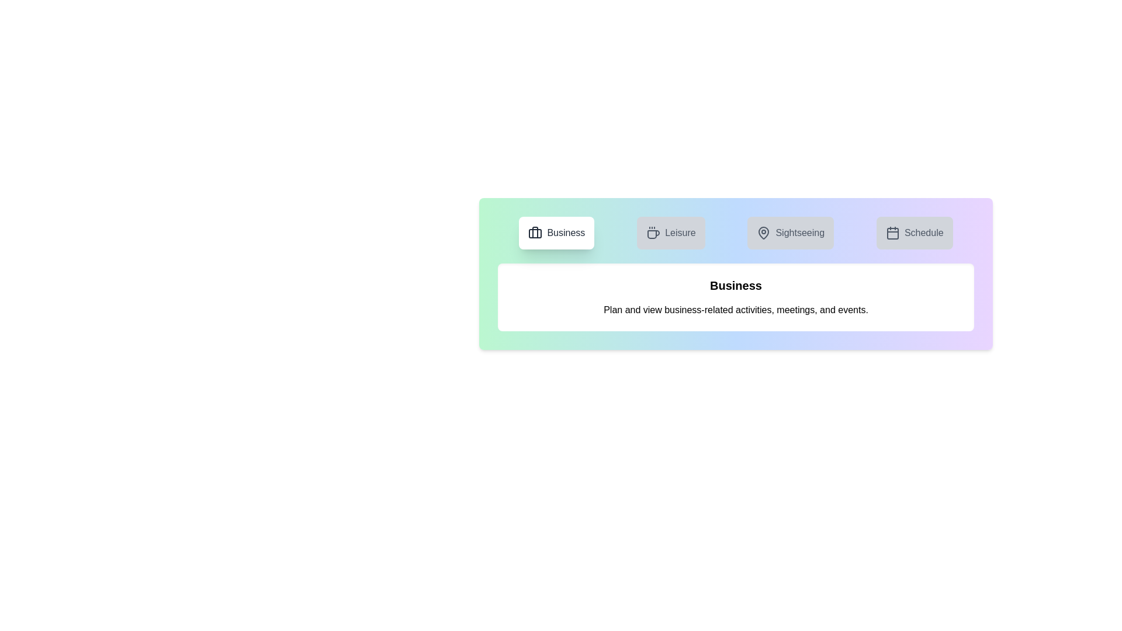  Describe the element at coordinates (555, 233) in the screenshot. I see `the tab corresponding to Business` at that location.